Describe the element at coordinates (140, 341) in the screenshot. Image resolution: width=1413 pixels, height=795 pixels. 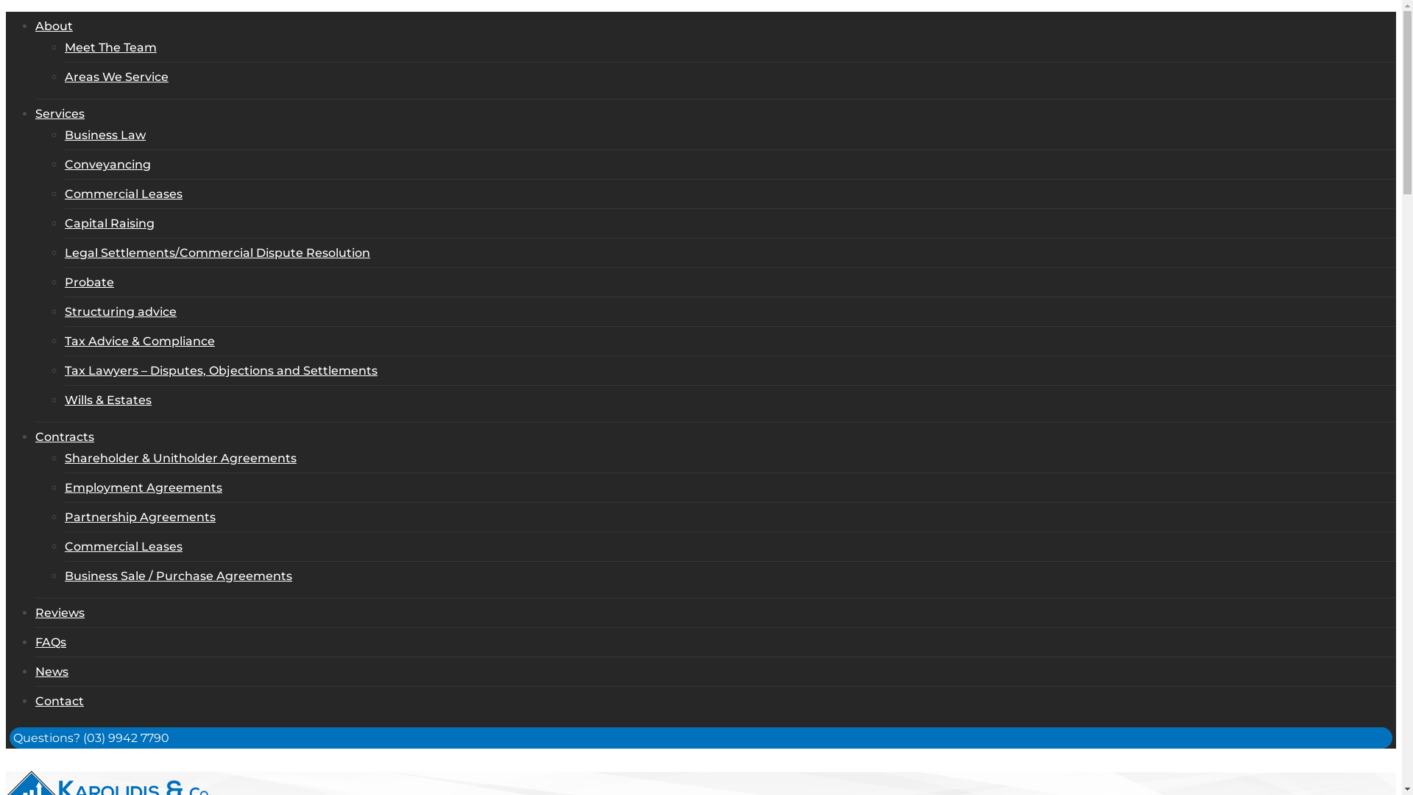
I see `'Tax Advice & Compliance'` at that location.